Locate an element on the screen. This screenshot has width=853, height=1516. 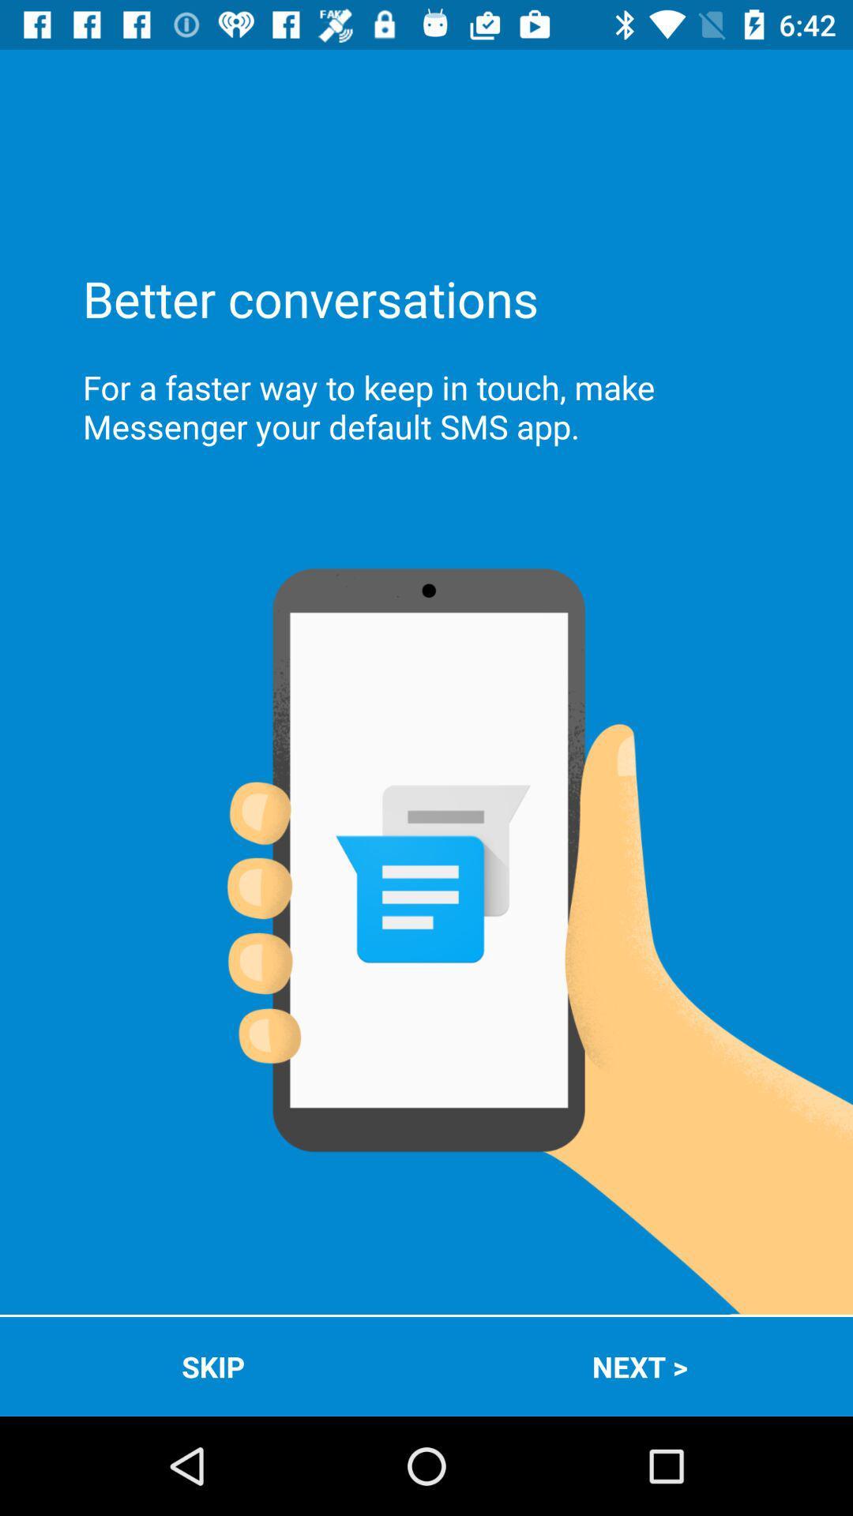
next > app is located at coordinates (640, 1366).